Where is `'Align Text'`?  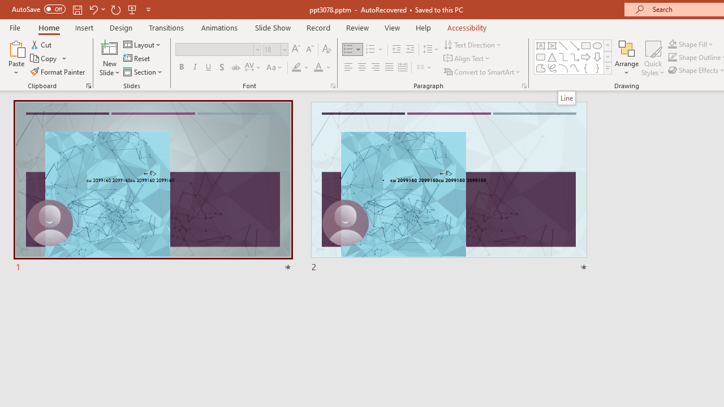 'Align Text' is located at coordinates (467, 58).